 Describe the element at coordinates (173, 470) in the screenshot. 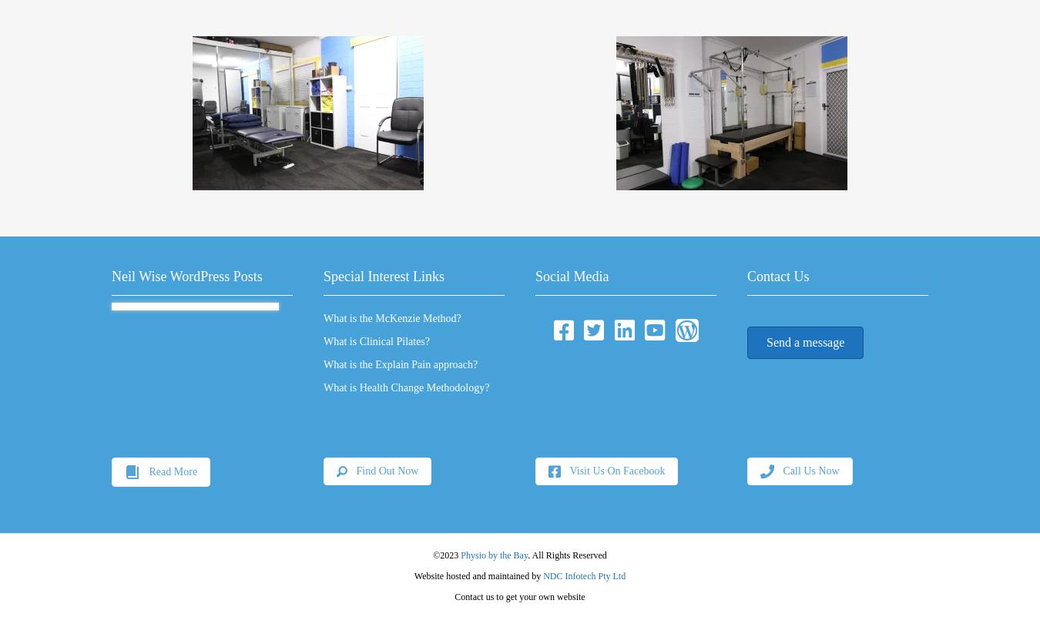

I see `'Read More'` at that location.